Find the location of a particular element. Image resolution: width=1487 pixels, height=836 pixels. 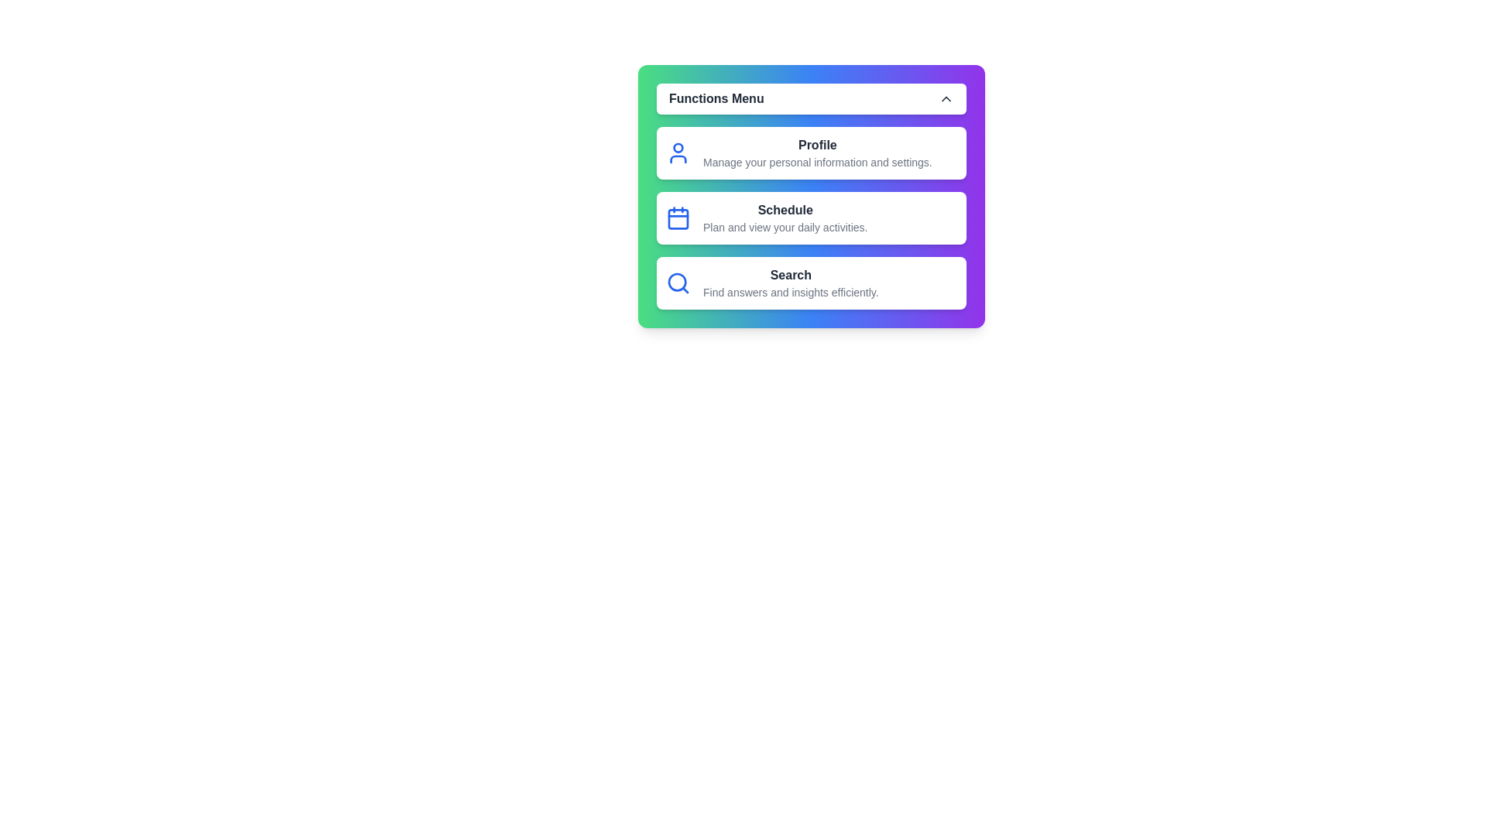

'Functions Menu' button to toggle the menu's visibility is located at coordinates (810, 98).